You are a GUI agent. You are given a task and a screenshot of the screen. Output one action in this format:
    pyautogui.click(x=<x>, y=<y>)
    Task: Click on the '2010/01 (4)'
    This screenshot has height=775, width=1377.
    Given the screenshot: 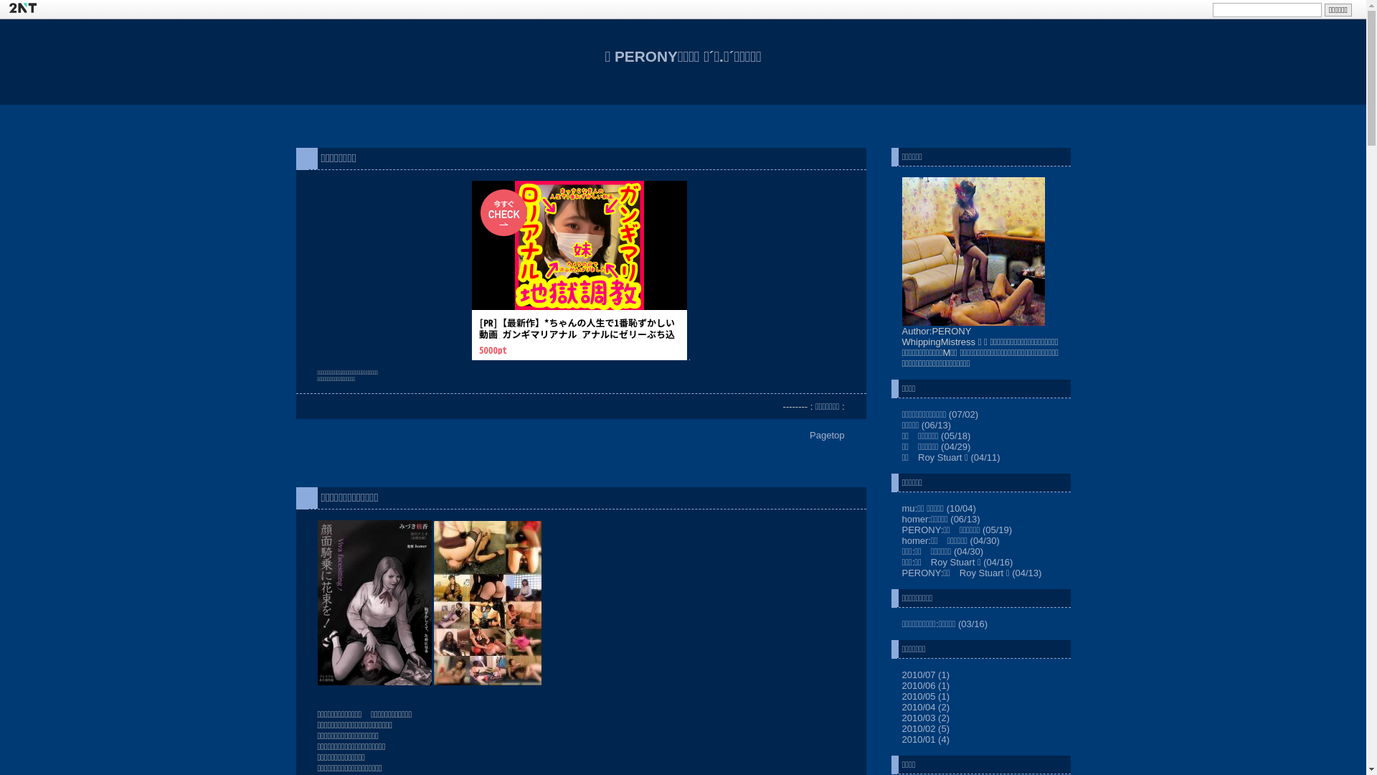 What is the action you would take?
    pyautogui.click(x=926, y=739)
    